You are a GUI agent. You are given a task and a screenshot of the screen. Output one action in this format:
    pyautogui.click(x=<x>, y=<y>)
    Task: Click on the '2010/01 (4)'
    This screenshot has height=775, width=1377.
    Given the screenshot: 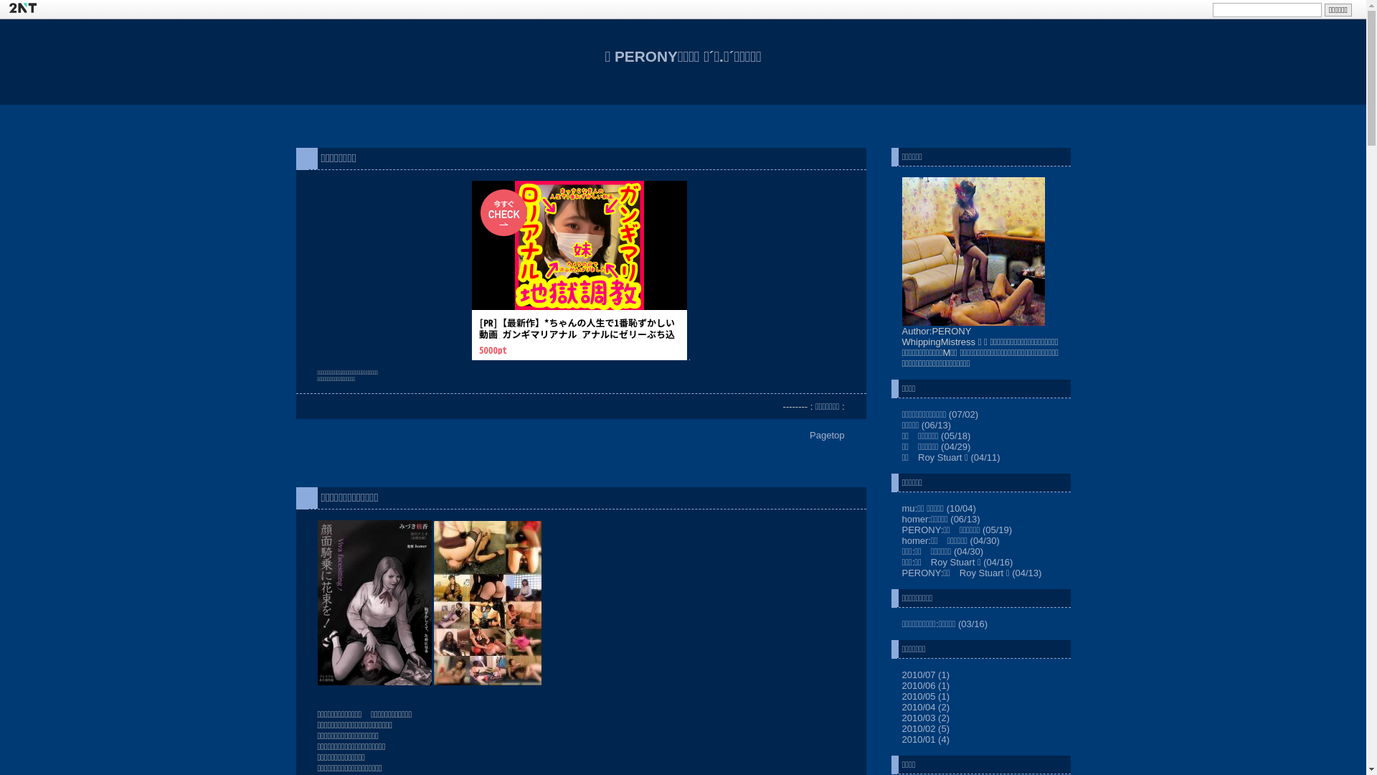 What is the action you would take?
    pyautogui.click(x=926, y=739)
    